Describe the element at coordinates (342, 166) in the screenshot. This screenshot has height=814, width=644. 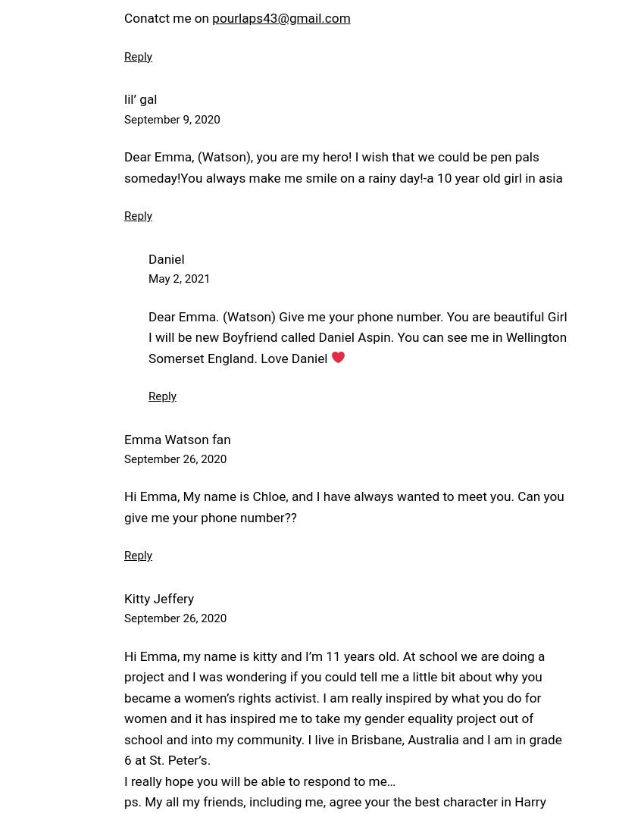
I see `'Dear Emma, (Watson), you are my hero! I wish that we could be pen pals someday!You always make me smile on a rainy day!-a 10 year old girl in asia'` at that location.